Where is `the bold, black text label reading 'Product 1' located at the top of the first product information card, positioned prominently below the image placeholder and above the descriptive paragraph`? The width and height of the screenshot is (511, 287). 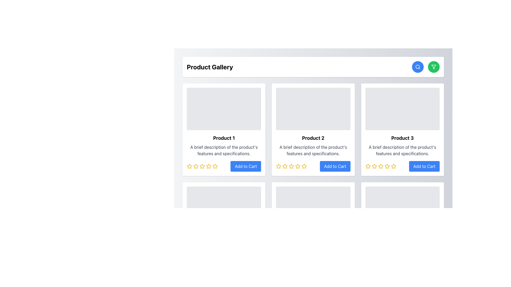 the bold, black text label reading 'Product 1' located at the top of the first product information card, positioned prominently below the image placeholder and above the descriptive paragraph is located at coordinates (224, 138).